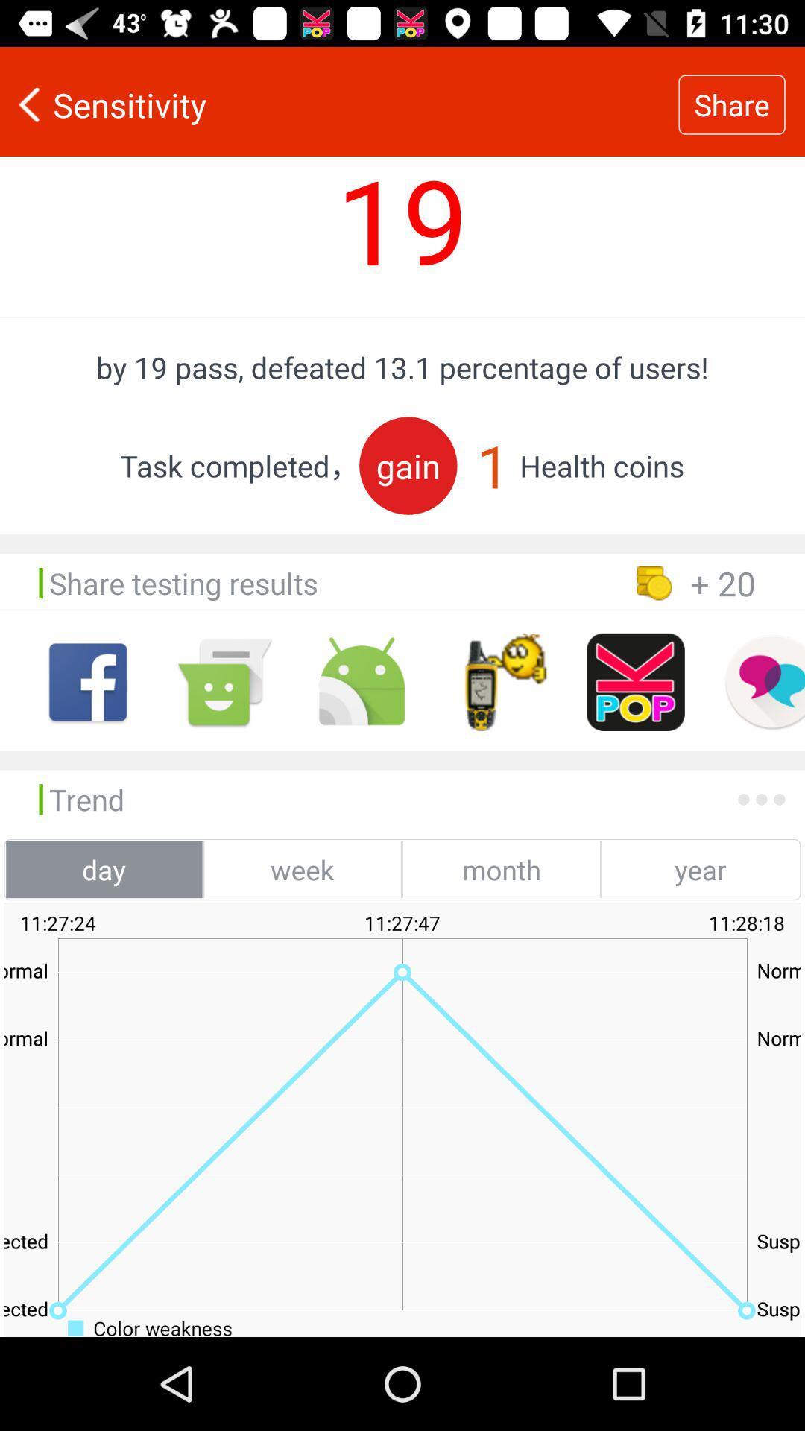 Image resolution: width=805 pixels, height=1431 pixels. I want to click on chat, so click(764, 681).